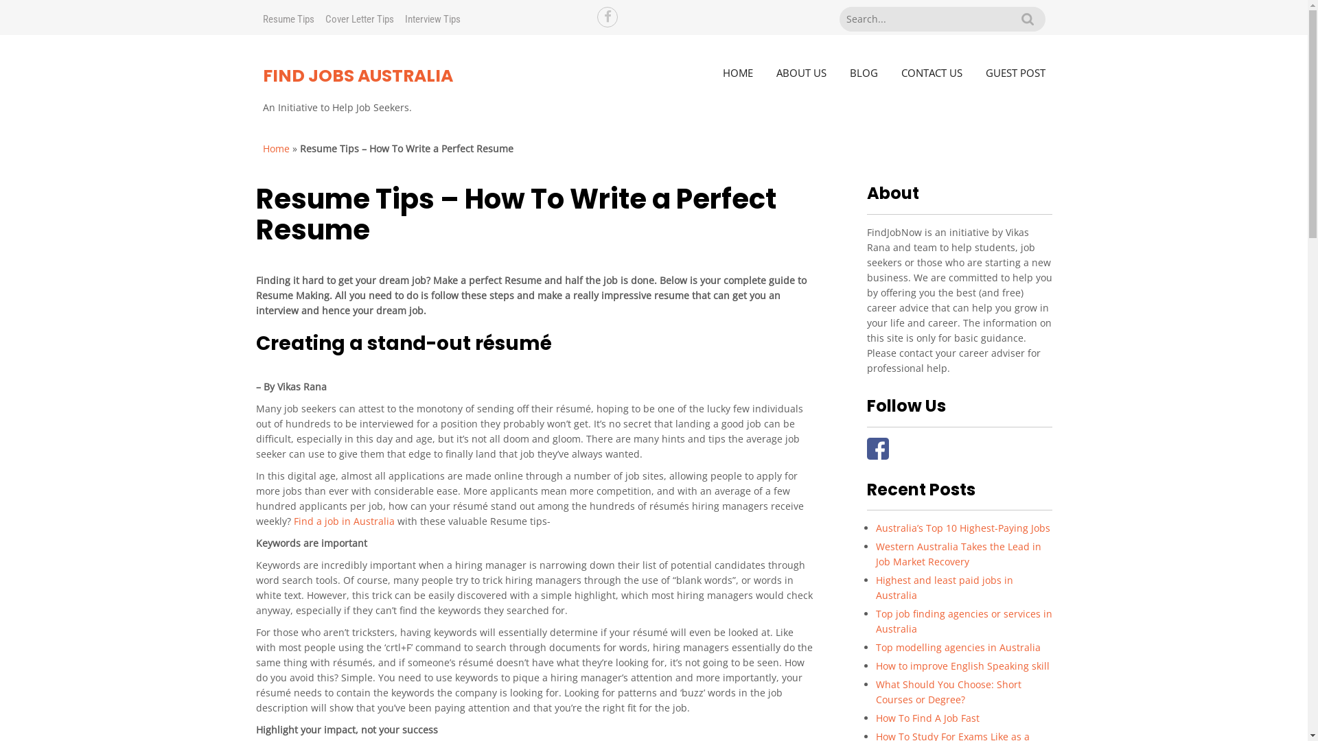  I want to click on 'HOME', so click(712, 72).